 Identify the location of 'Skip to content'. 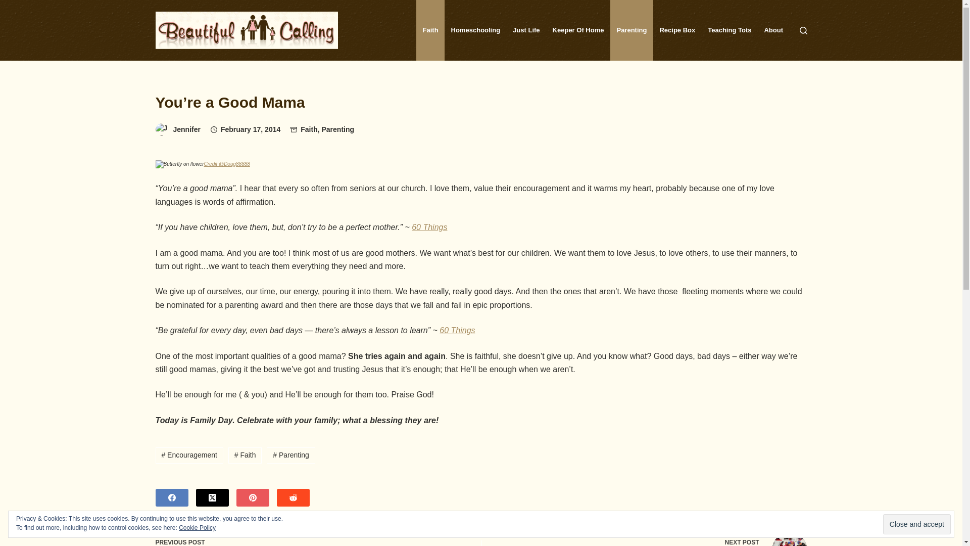
(0, 5).